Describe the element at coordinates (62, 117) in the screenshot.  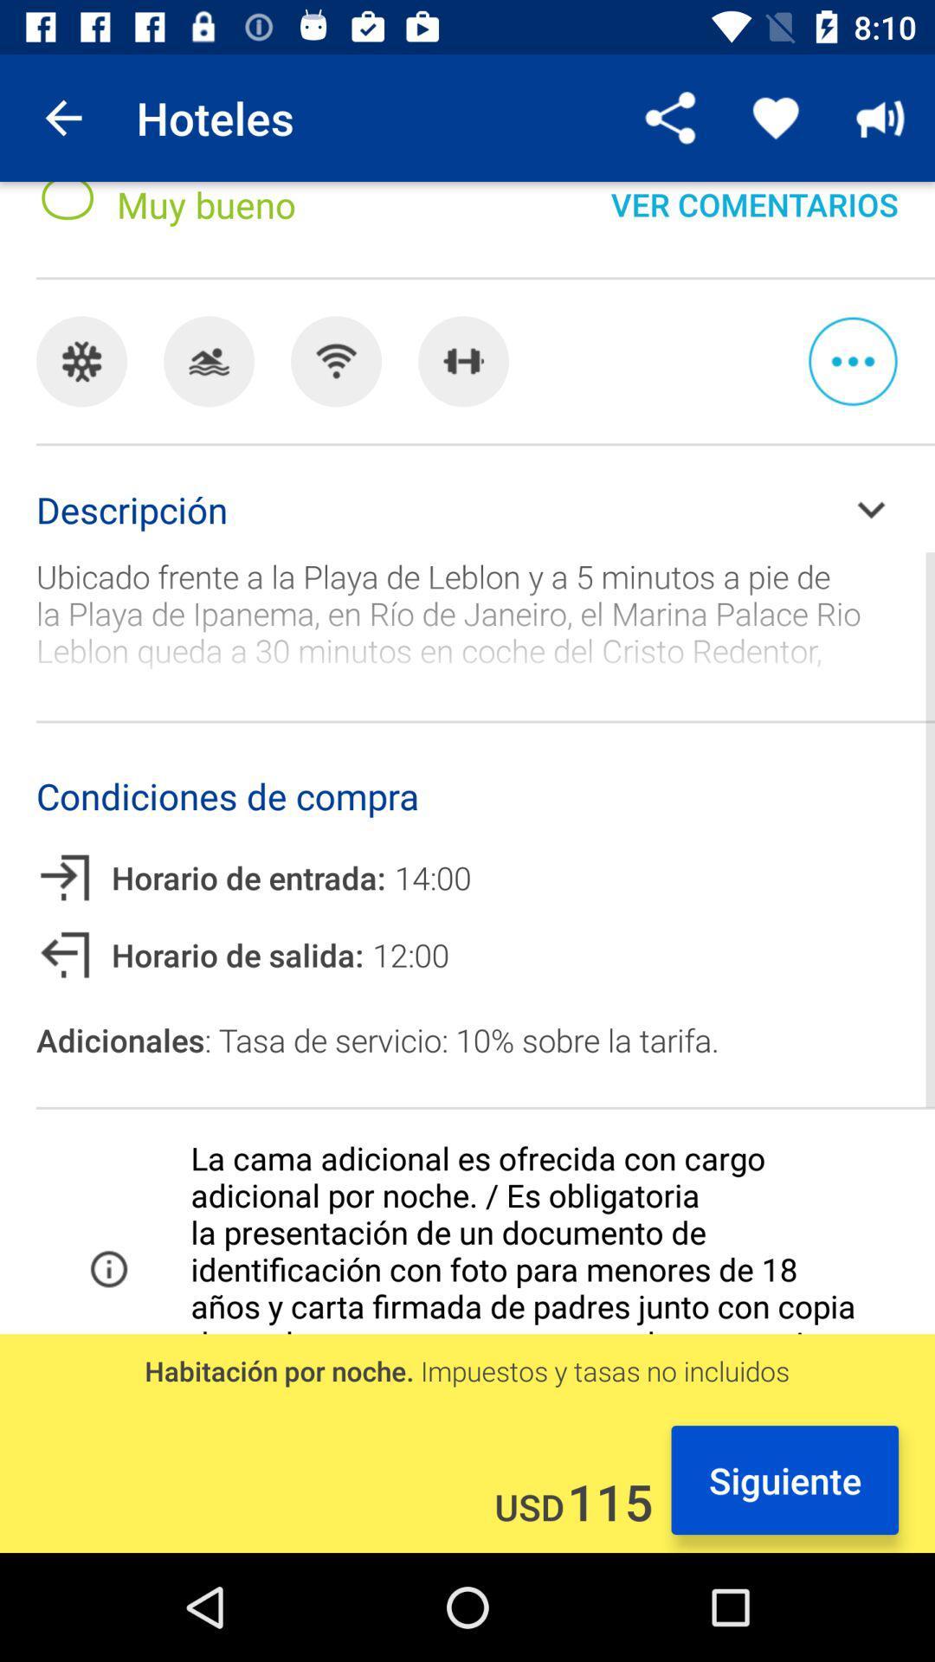
I see `icon to the left of the hoteles icon` at that location.